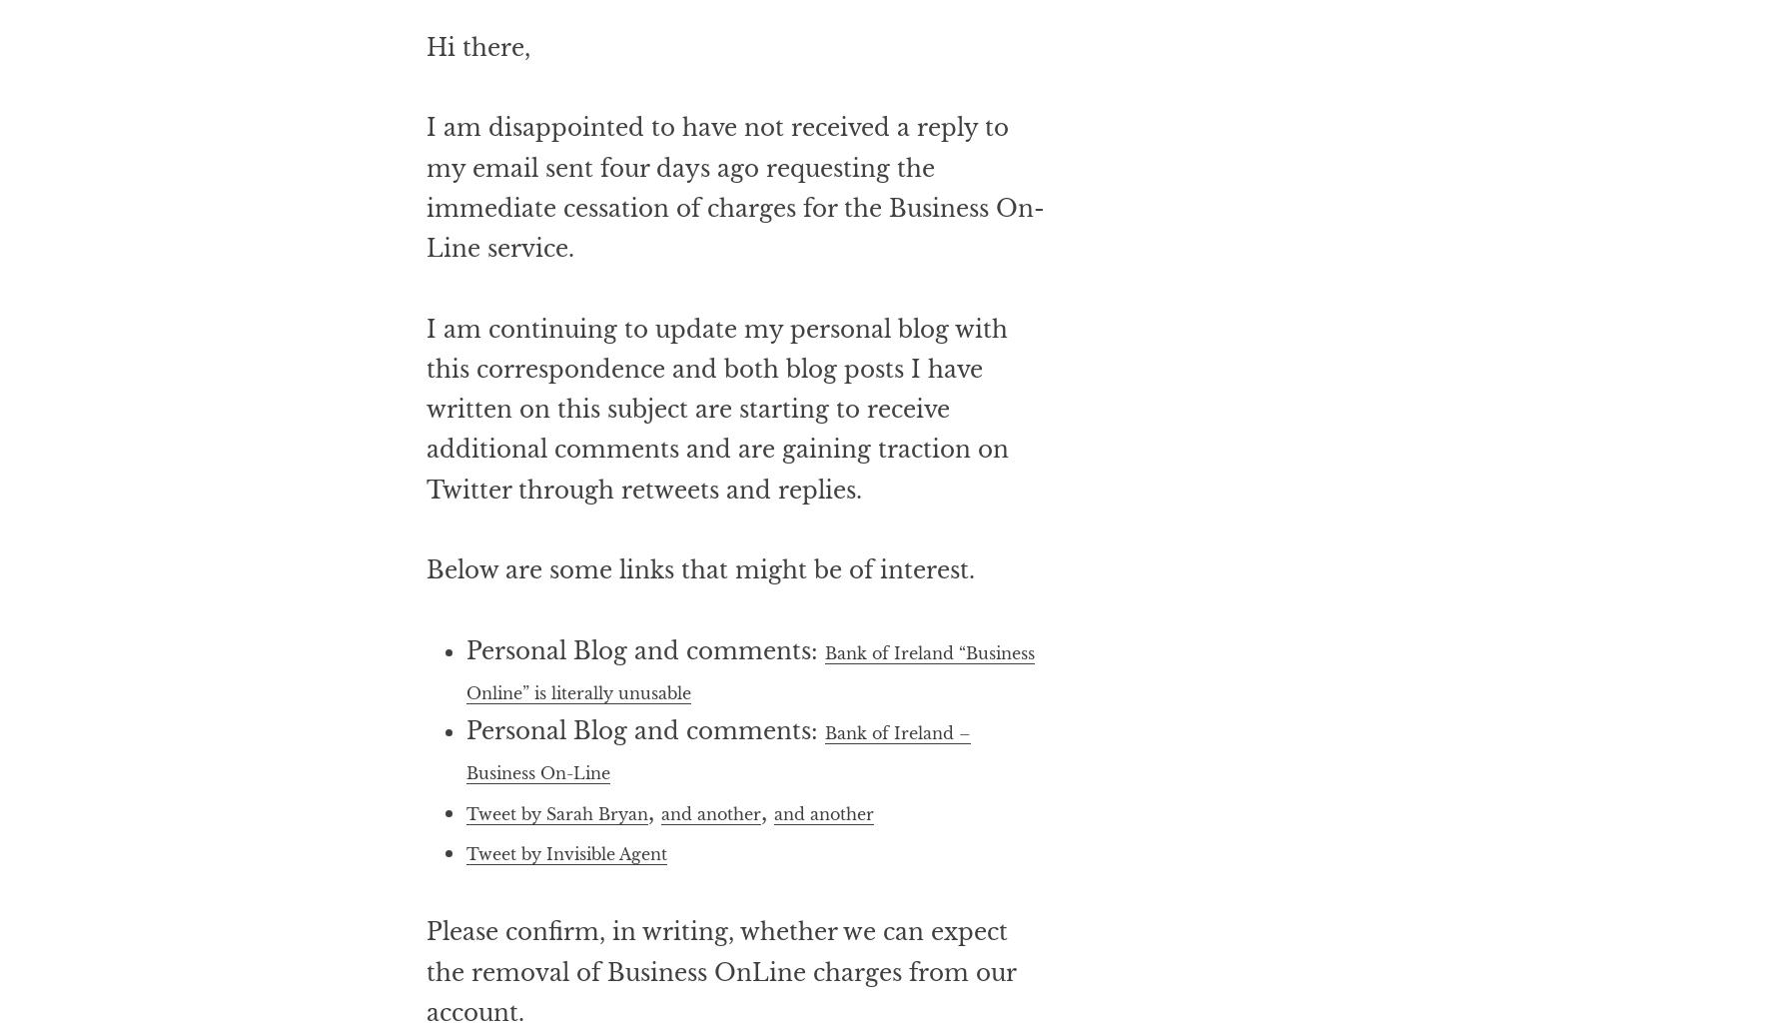 This screenshot has height=1036, width=1778. Describe the element at coordinates (585, 45) in the screenshot. I see `'11/01/2013 10:07'` at that location.